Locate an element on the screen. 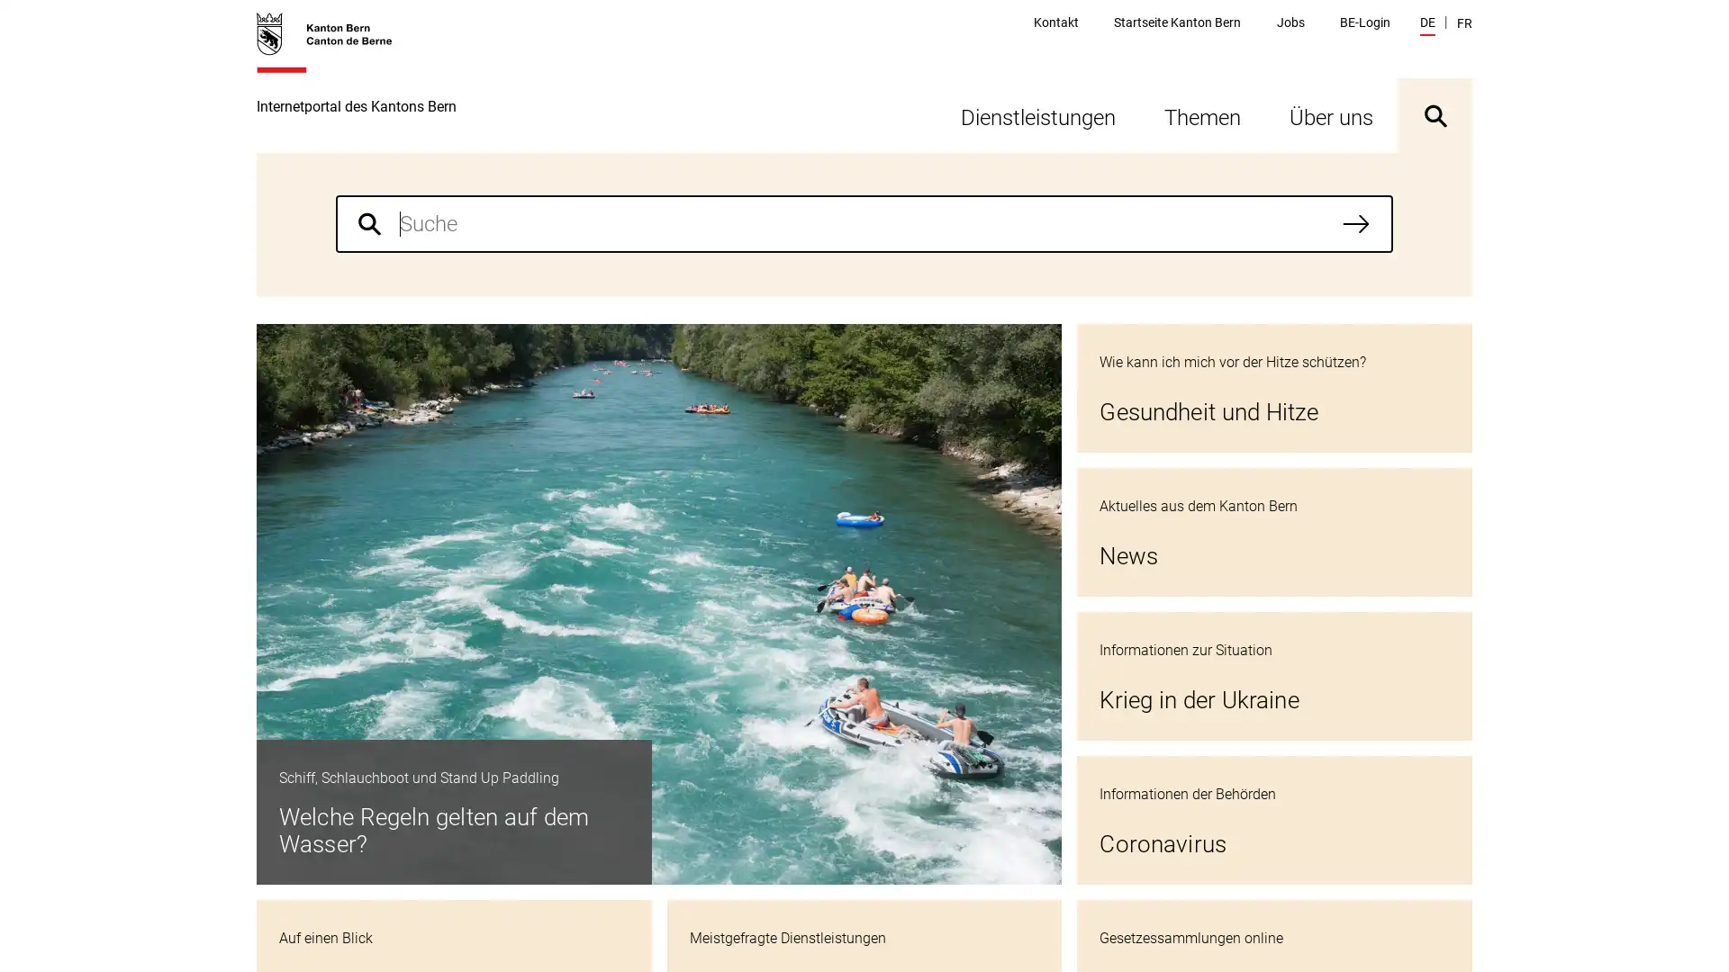 The image size is (1729, 972). Uber uns is located at coordinates (1331, 115).